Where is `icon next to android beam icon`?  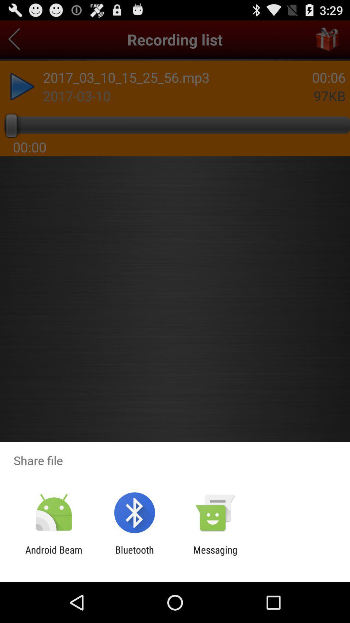 icon next to android beam icon is located at coordinates (134, 555).